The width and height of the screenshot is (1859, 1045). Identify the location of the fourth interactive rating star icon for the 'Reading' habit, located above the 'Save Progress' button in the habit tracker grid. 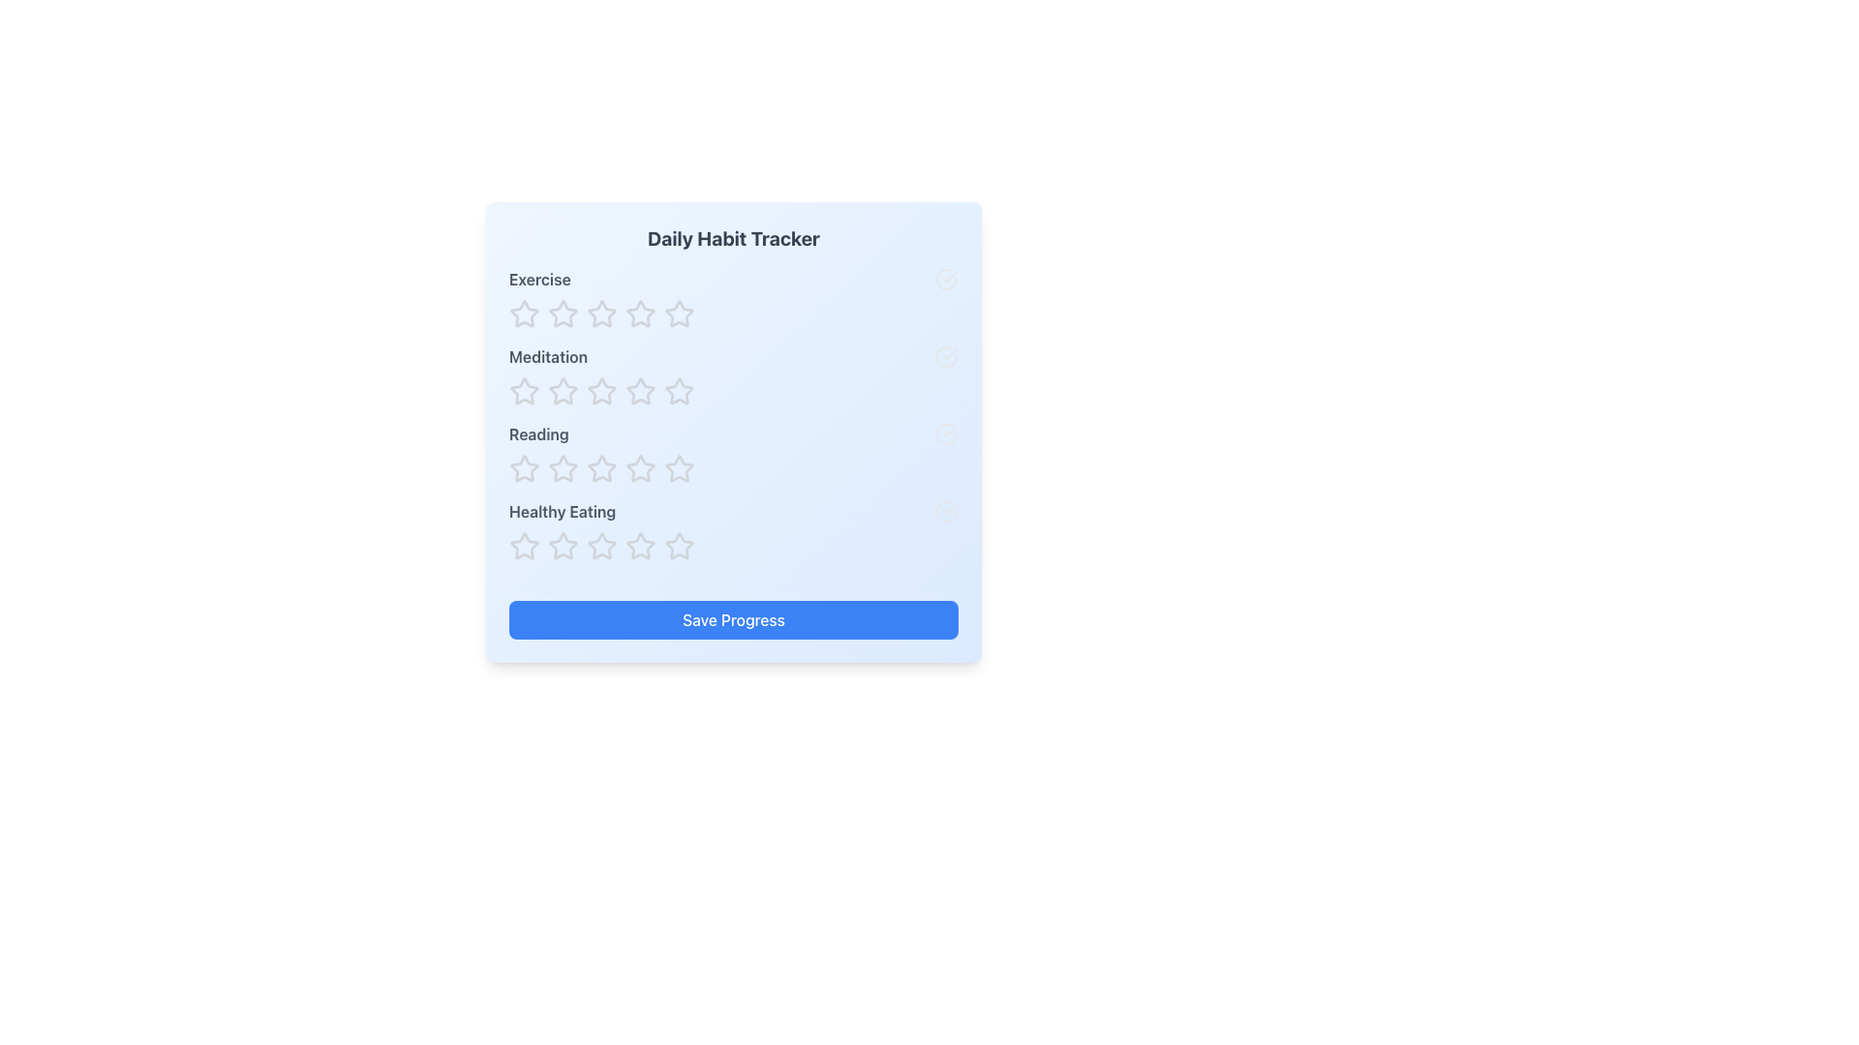
(601, 469).